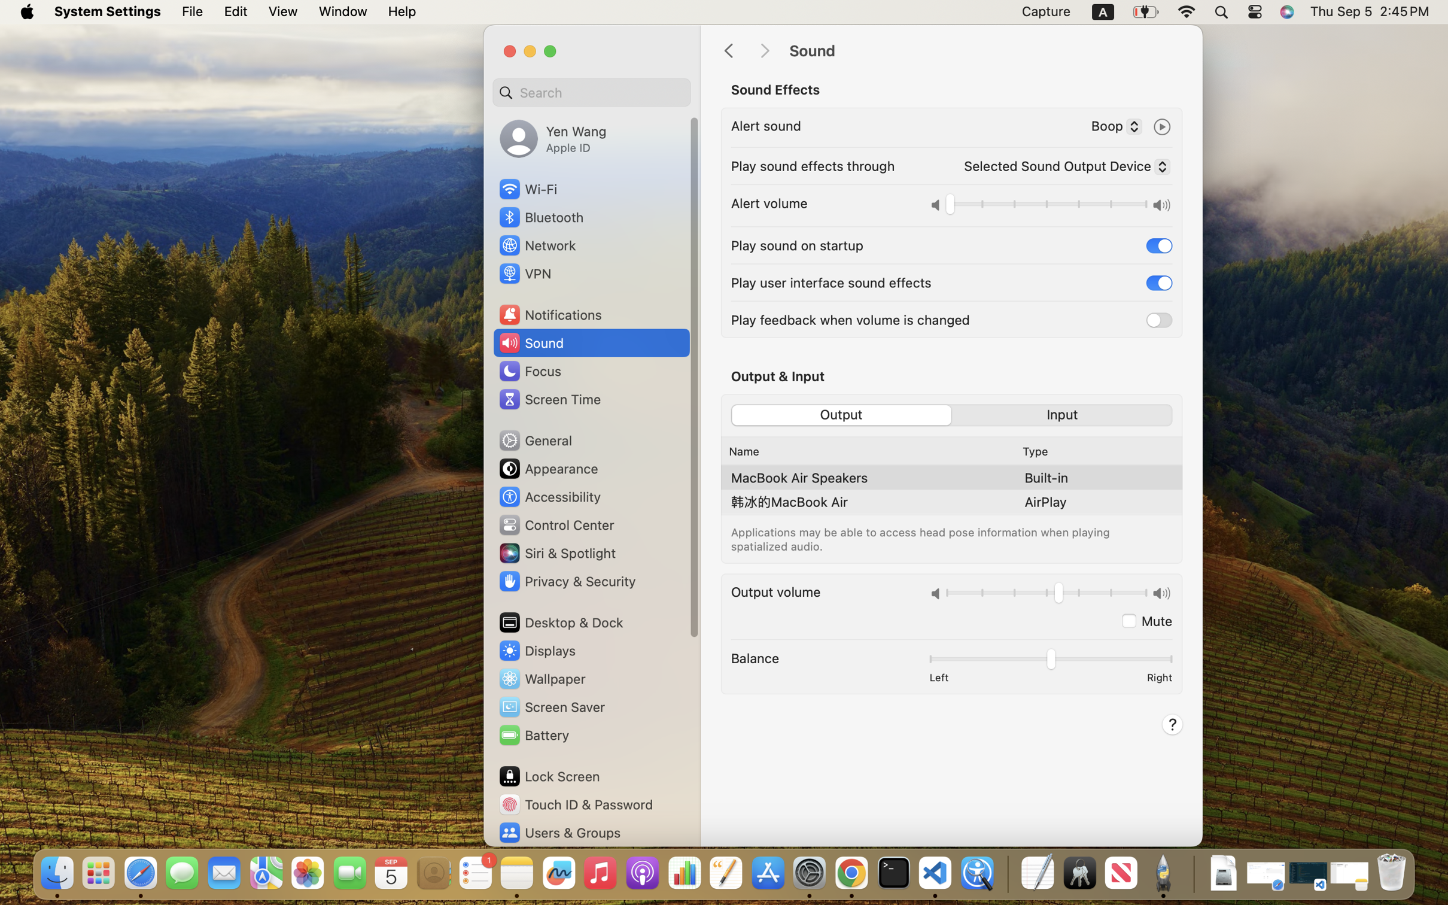 The image size is (1448, 905). I want to click on 'Accessibility', so click(549, 497).